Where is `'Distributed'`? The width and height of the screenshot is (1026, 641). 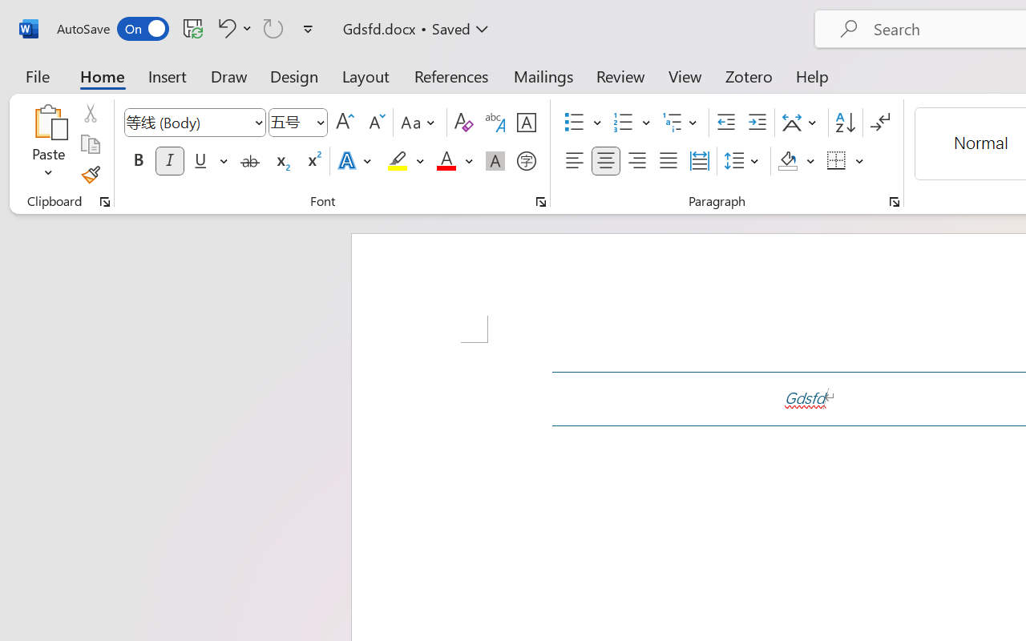
'Distributed' is located at coordinates (699, 161).